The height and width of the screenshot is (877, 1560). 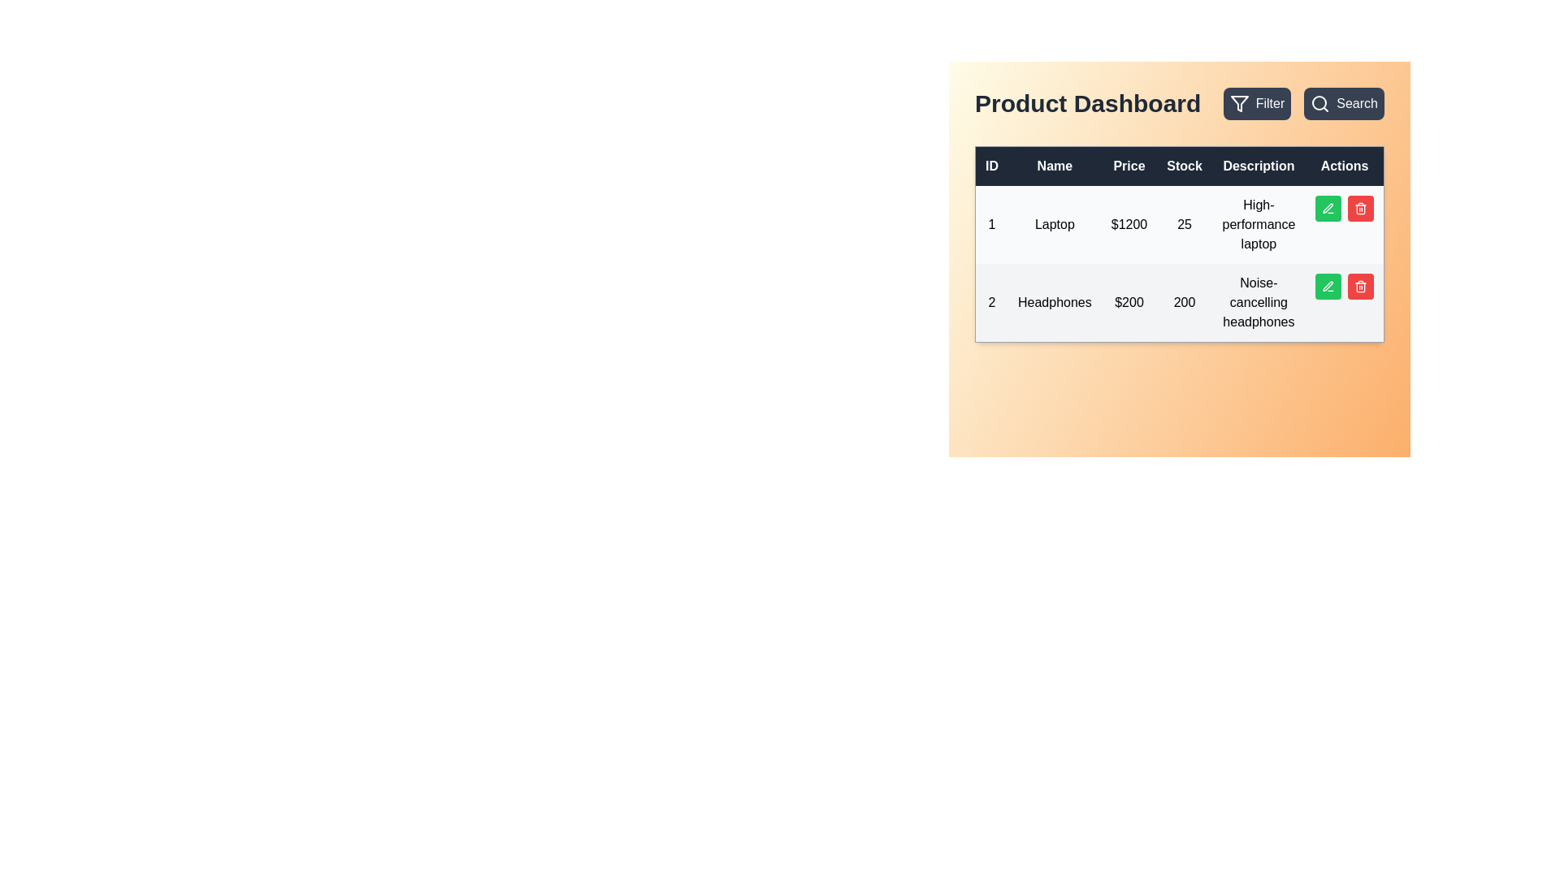 What do you see at coordinates (1361, 286) in the screenshot?
I see `the trash can icon with a red background, which is part of a button on the right-most side of the 'Actions' column in the second row of the Product Dashboard to possibly reveal additional details` at bounding box center [1361, 286].